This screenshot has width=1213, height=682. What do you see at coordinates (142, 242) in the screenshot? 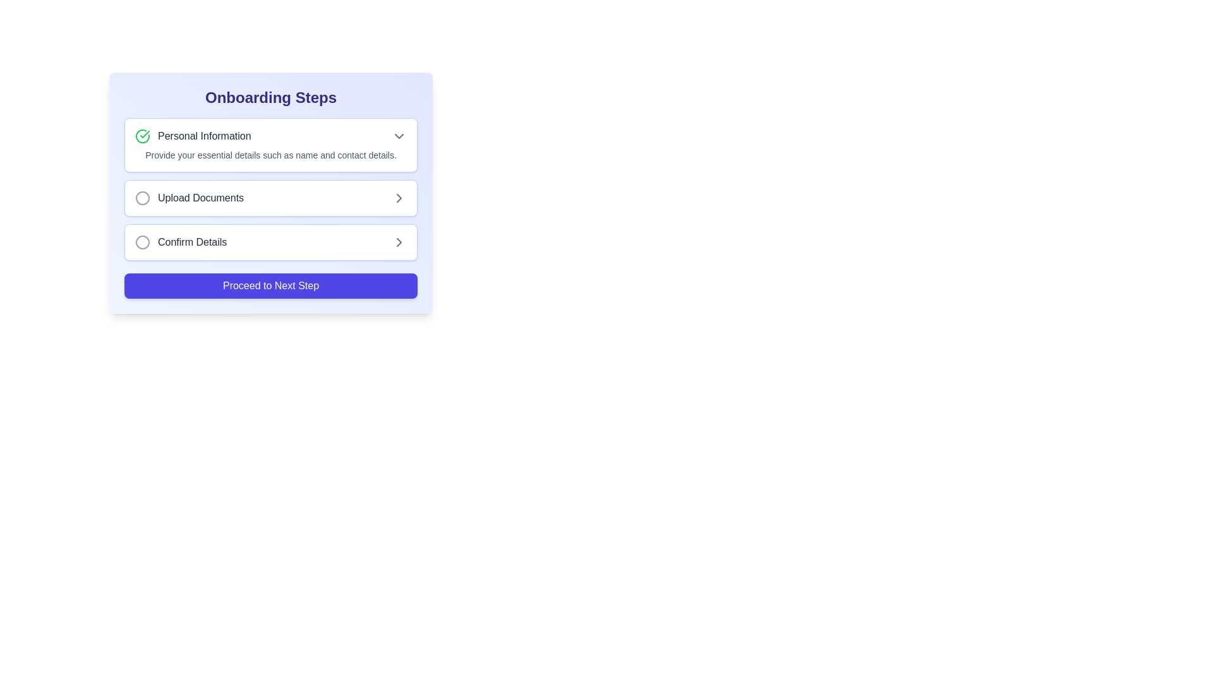
I see `the circular indicator icon with a gray stroke located in the left section of the 'Confirm Details' row in the onboarding step list` at bounding box center [142, 242].